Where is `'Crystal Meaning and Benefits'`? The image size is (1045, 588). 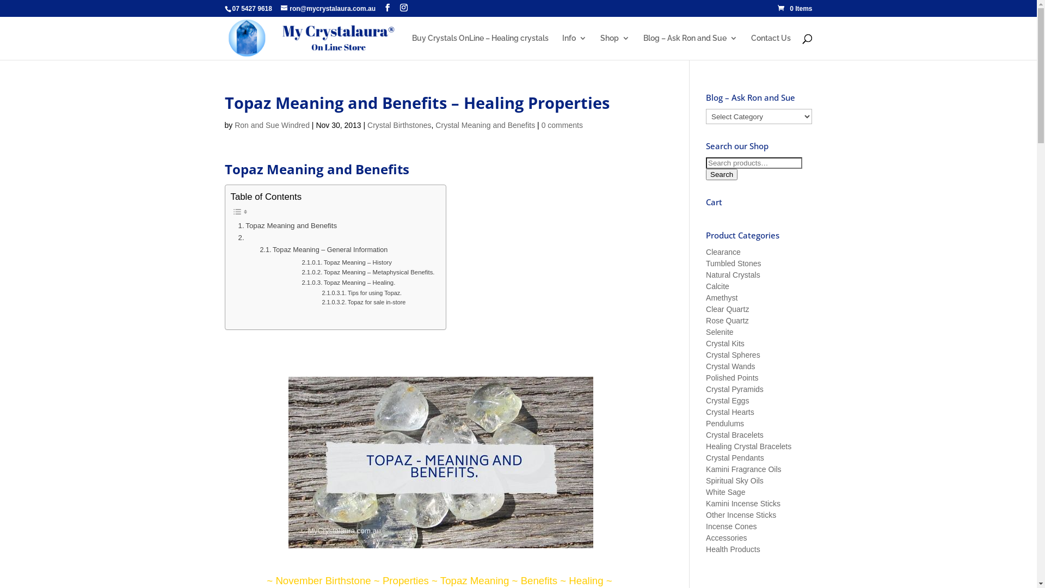
'Crystal Meaning and Benefits' is located at coordinates (435, 125).